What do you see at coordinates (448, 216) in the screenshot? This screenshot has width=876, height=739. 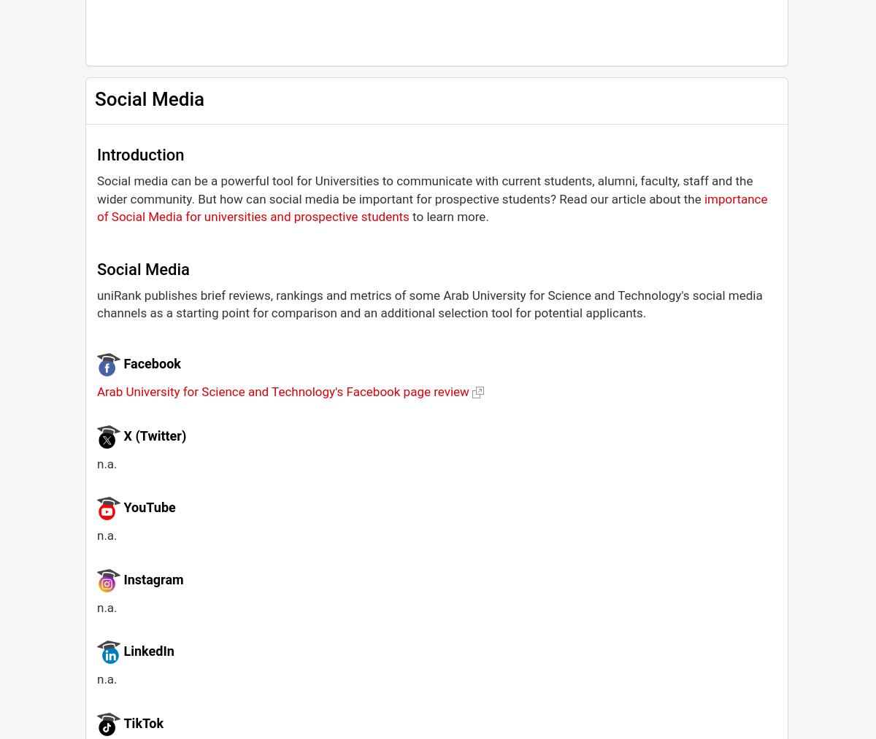 I see `'to learn more.'` at bounding box center [448, 216].